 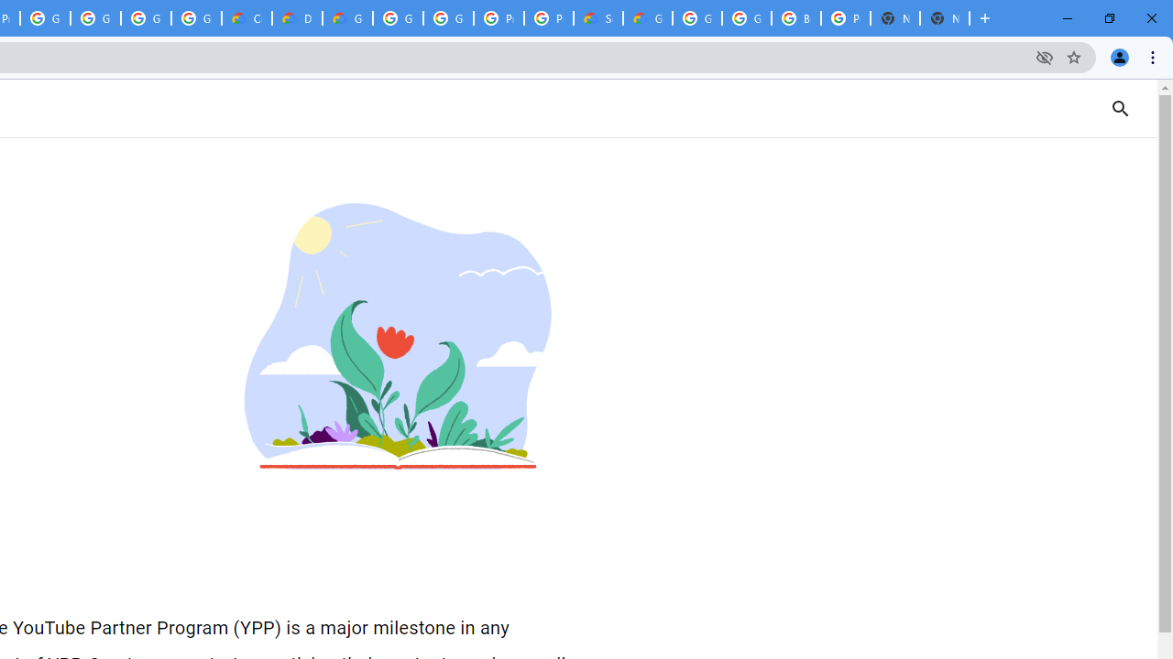 I want to click on 'New Tab', so click(x=945, y=18).